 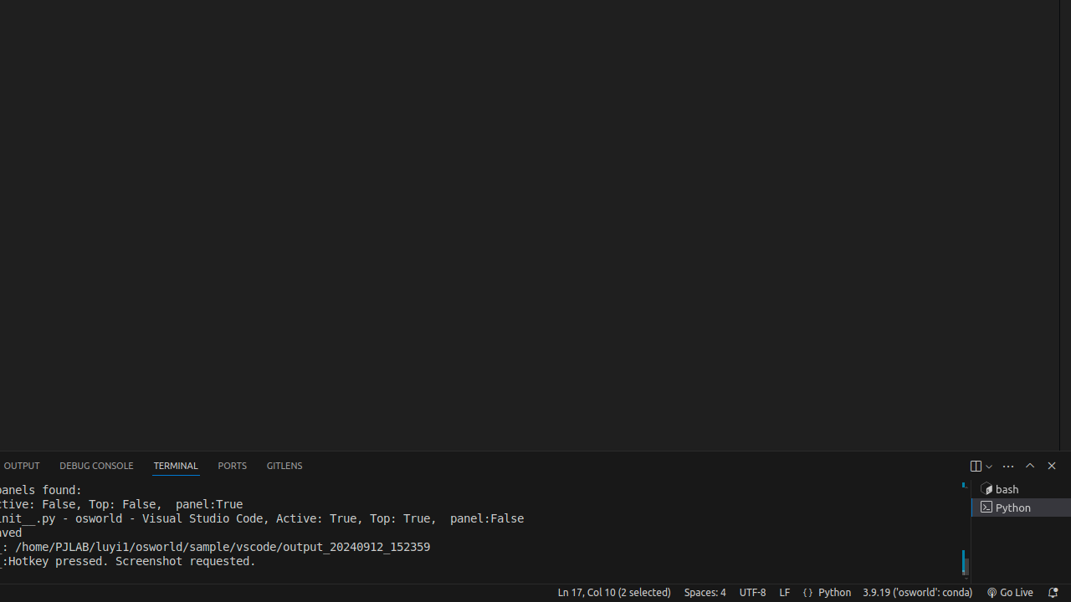 What do you see at coordinates (1051, 591) in the screenshot?
I see `'Notifications'` at bounding box center [1051, 591].